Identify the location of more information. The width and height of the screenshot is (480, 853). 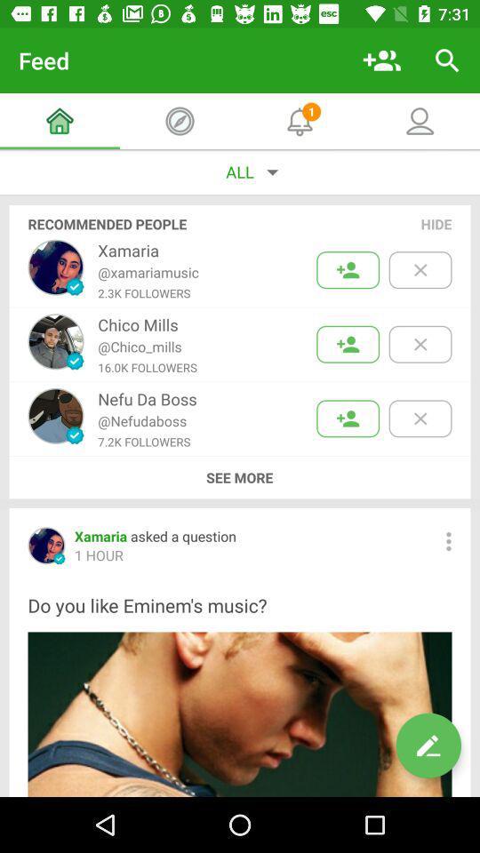
(447, 540).